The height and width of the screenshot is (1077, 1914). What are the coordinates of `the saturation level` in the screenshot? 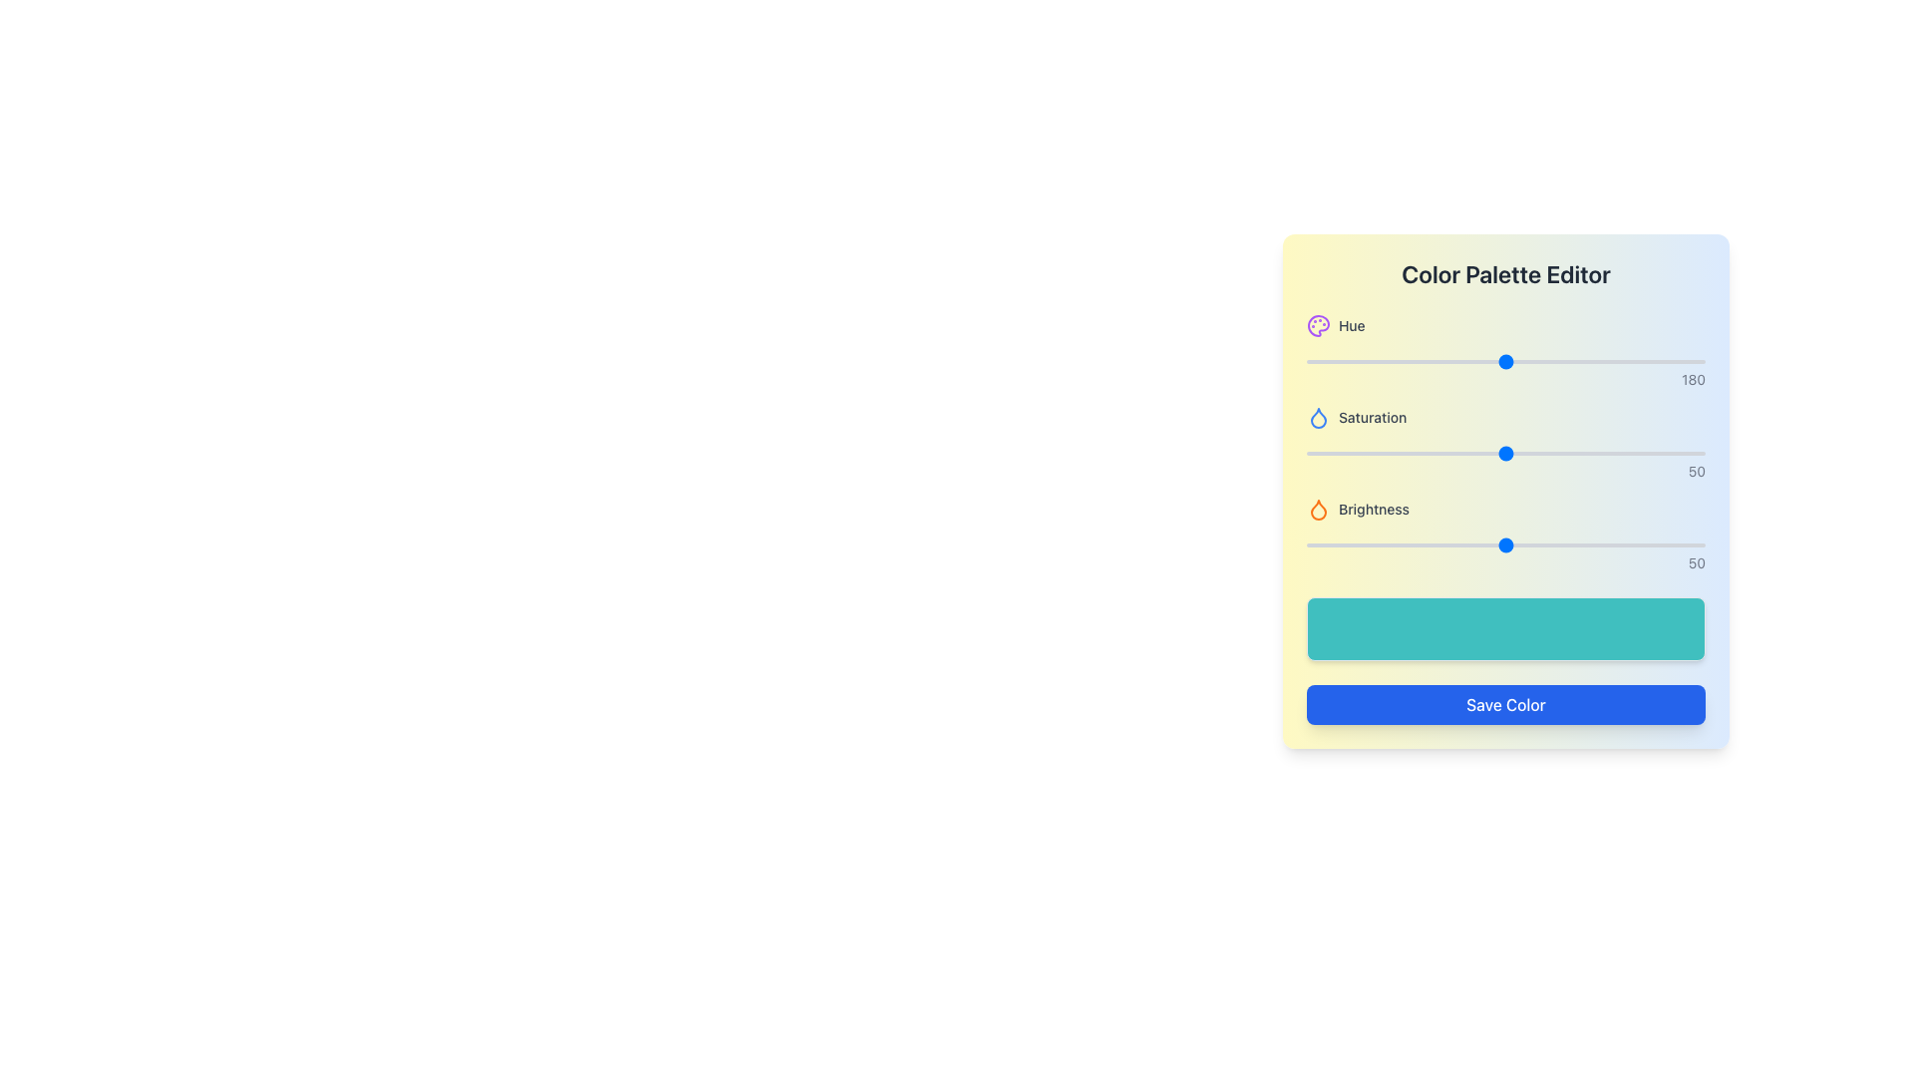 It's located at (1622, 454).